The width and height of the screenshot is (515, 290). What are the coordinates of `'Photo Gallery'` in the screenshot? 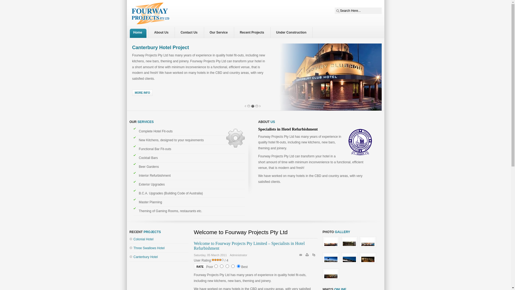 It's located at (331, 280).